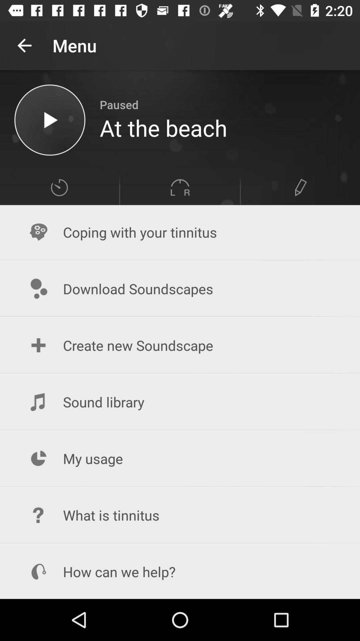  I want to click on the icon below coping with your item, so click(180, 289).